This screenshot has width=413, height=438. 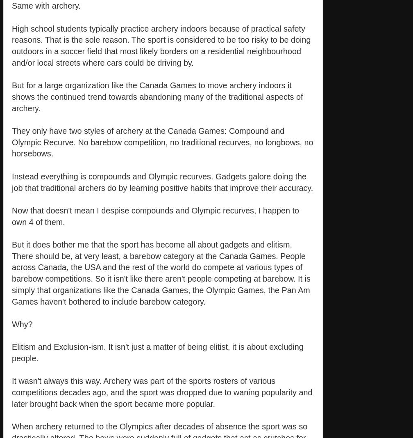 What do you see at coordinates (162, 181) in the screenshot?
I see `'Instead everything is compounds and Olympic recurves. Gadgets galore doing the job that traditional archers do by learning positive habits that improve their accuracy.'` at bounding box center [162, 181].